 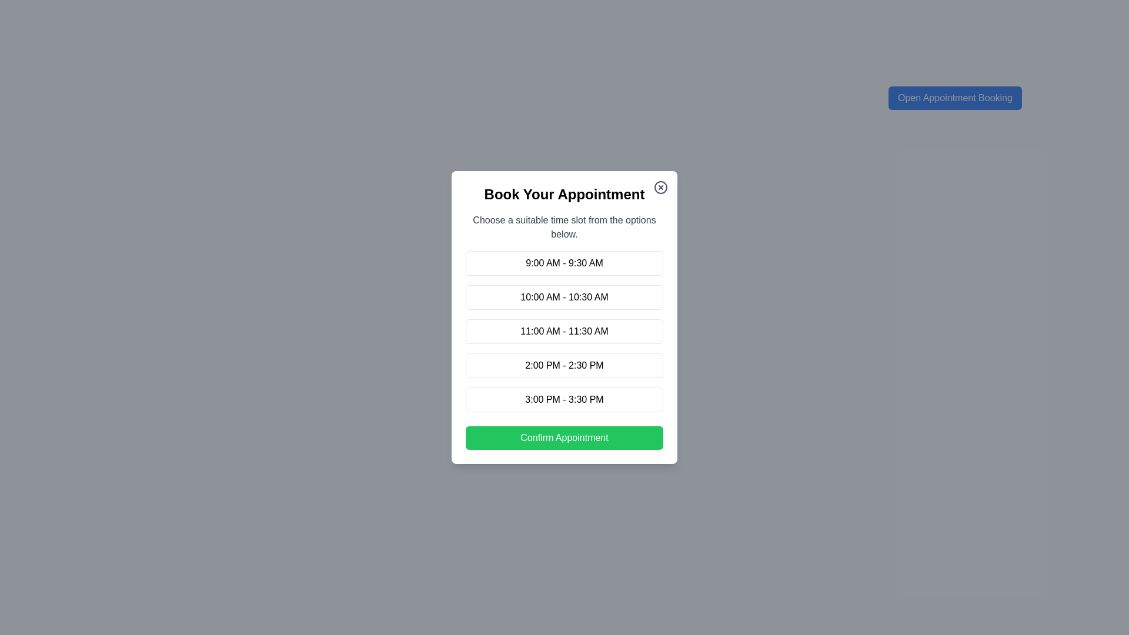 What do you see at coordinates (564, 262) in the screenshot?
I see `on the Text Label element displaying '9:00 AM - 9:30 AM' for potential additional actions` at bounding box center [564, 262].